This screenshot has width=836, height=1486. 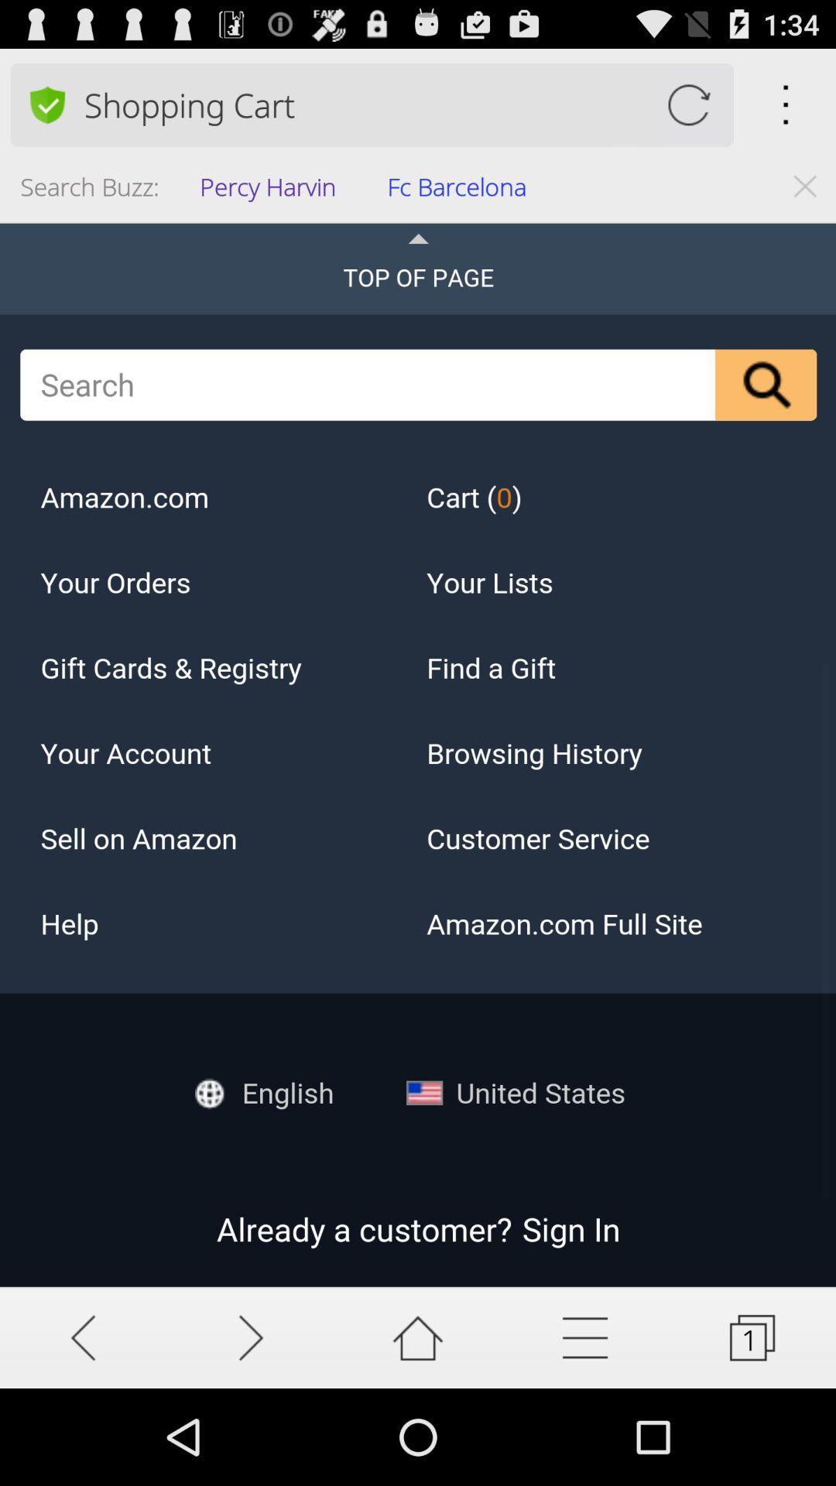 I want to click on app below percy harvin item, so click(x=418, y=754).